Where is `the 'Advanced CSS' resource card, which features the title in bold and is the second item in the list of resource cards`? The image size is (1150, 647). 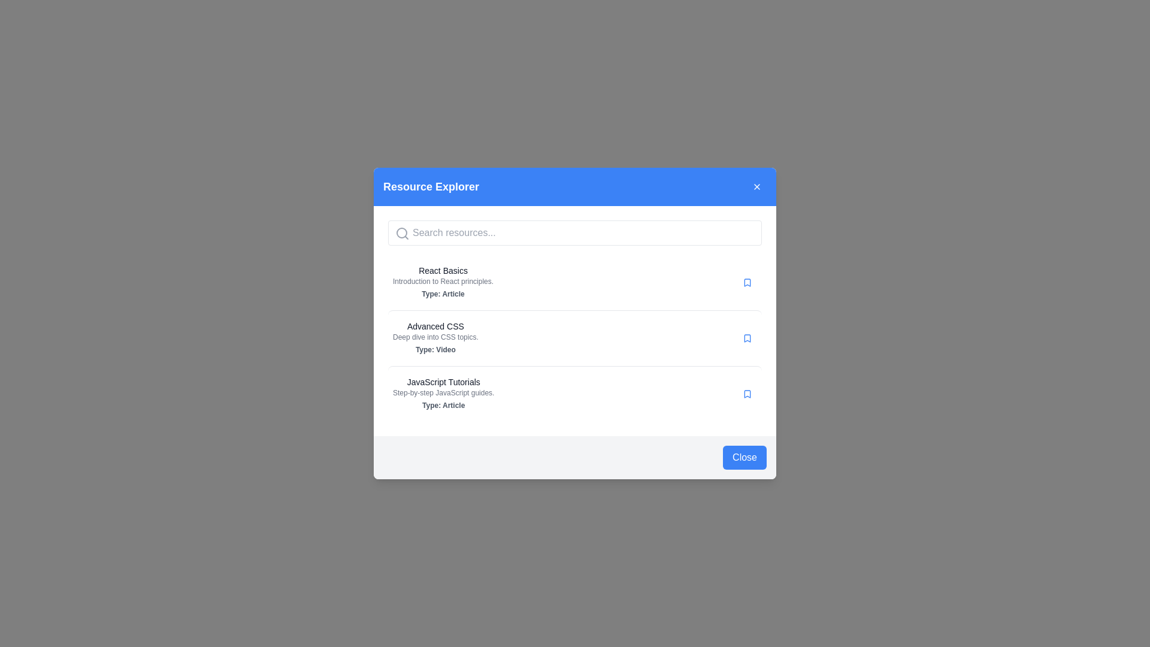
the 'Advanced CSS' resource card, which features the title in bold and is the second item in the list of resource cards is located at coordinates (435, 338).